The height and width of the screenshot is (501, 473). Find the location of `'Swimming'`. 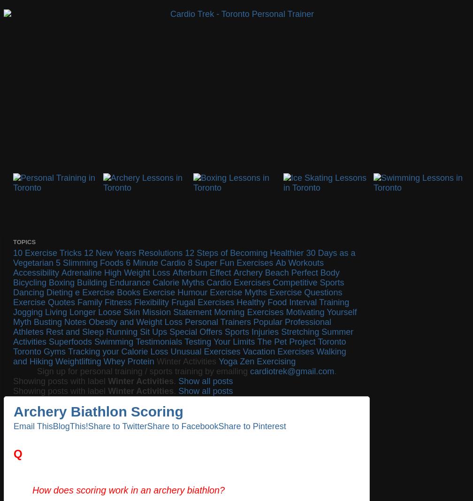

'Swimming' is located at coordinates (114, 341).